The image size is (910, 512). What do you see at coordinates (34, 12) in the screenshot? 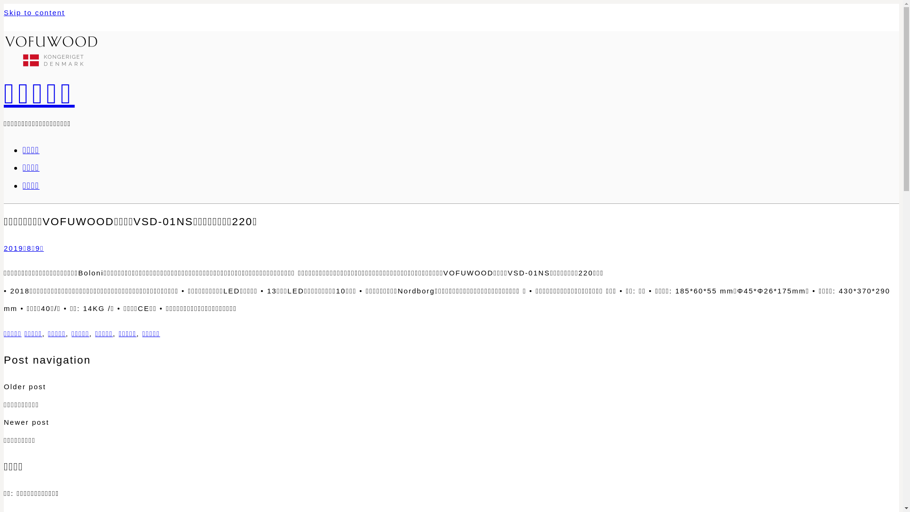
I see `'Skip to content'` at bounding box center [34, 12].